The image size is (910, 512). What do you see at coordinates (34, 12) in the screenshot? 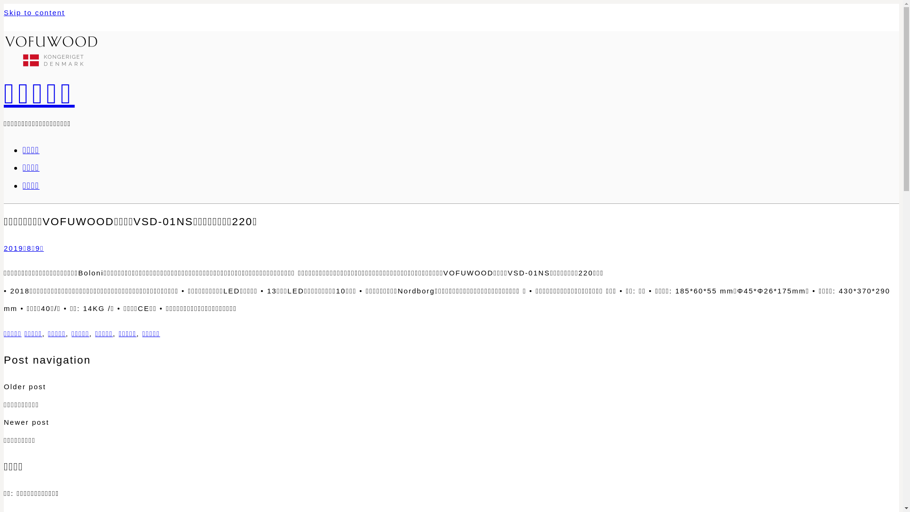
I see `'Skip to content'` at bounding box center [34, 12].